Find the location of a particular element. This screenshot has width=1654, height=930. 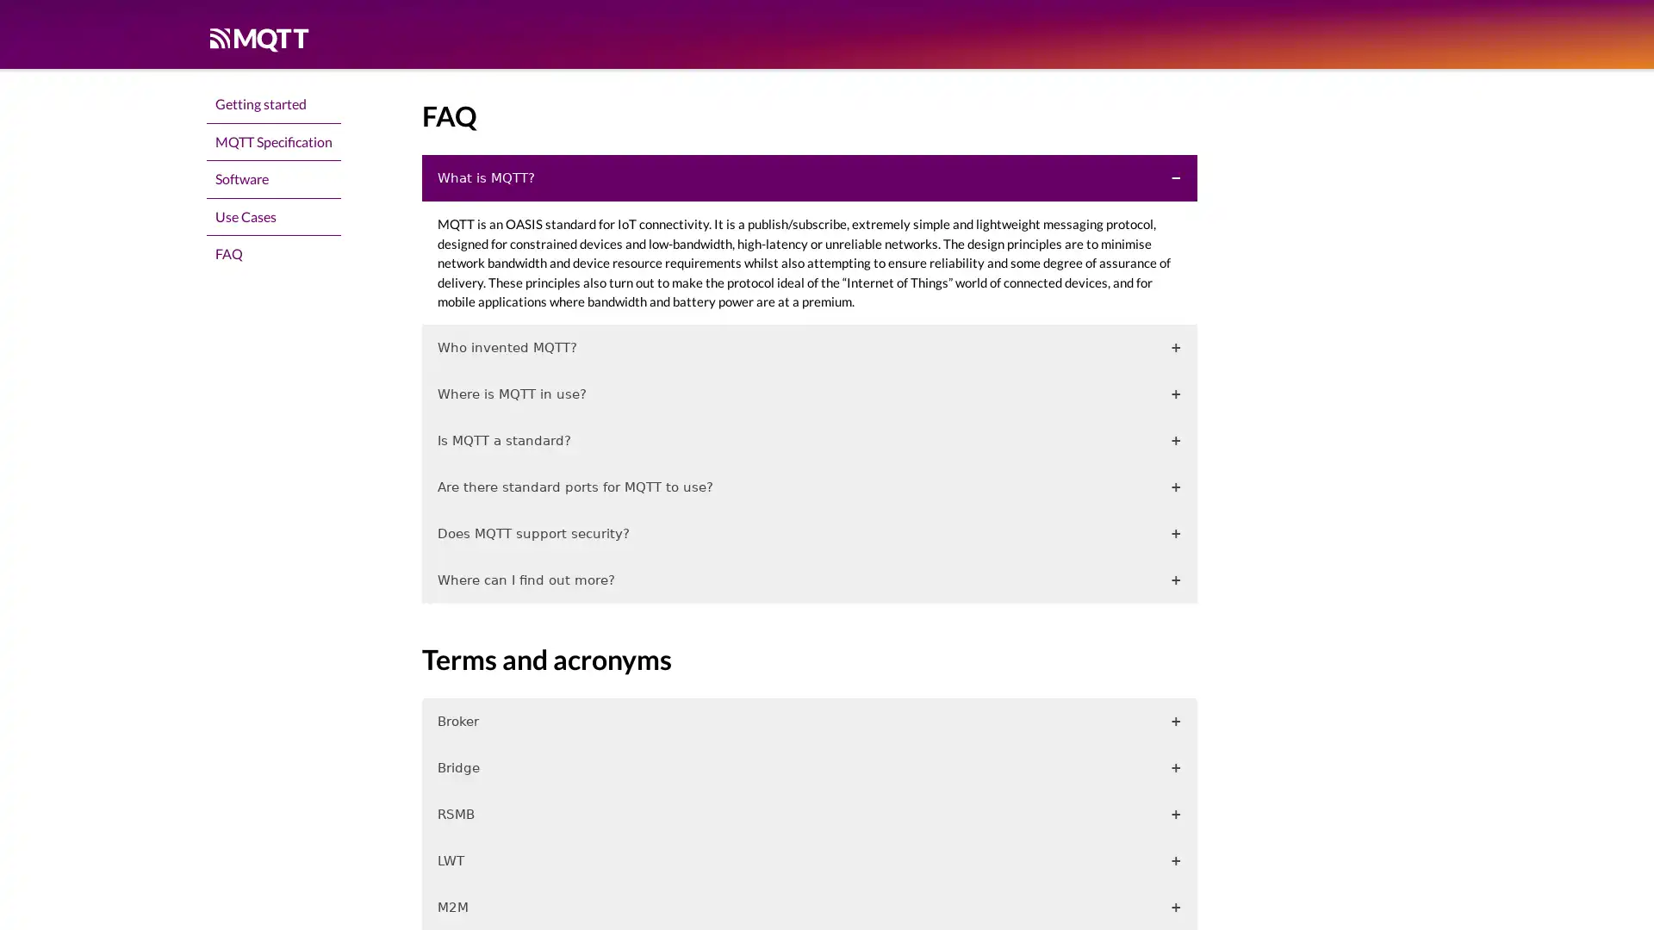

Bridge + is located at coordinates (809, 766).